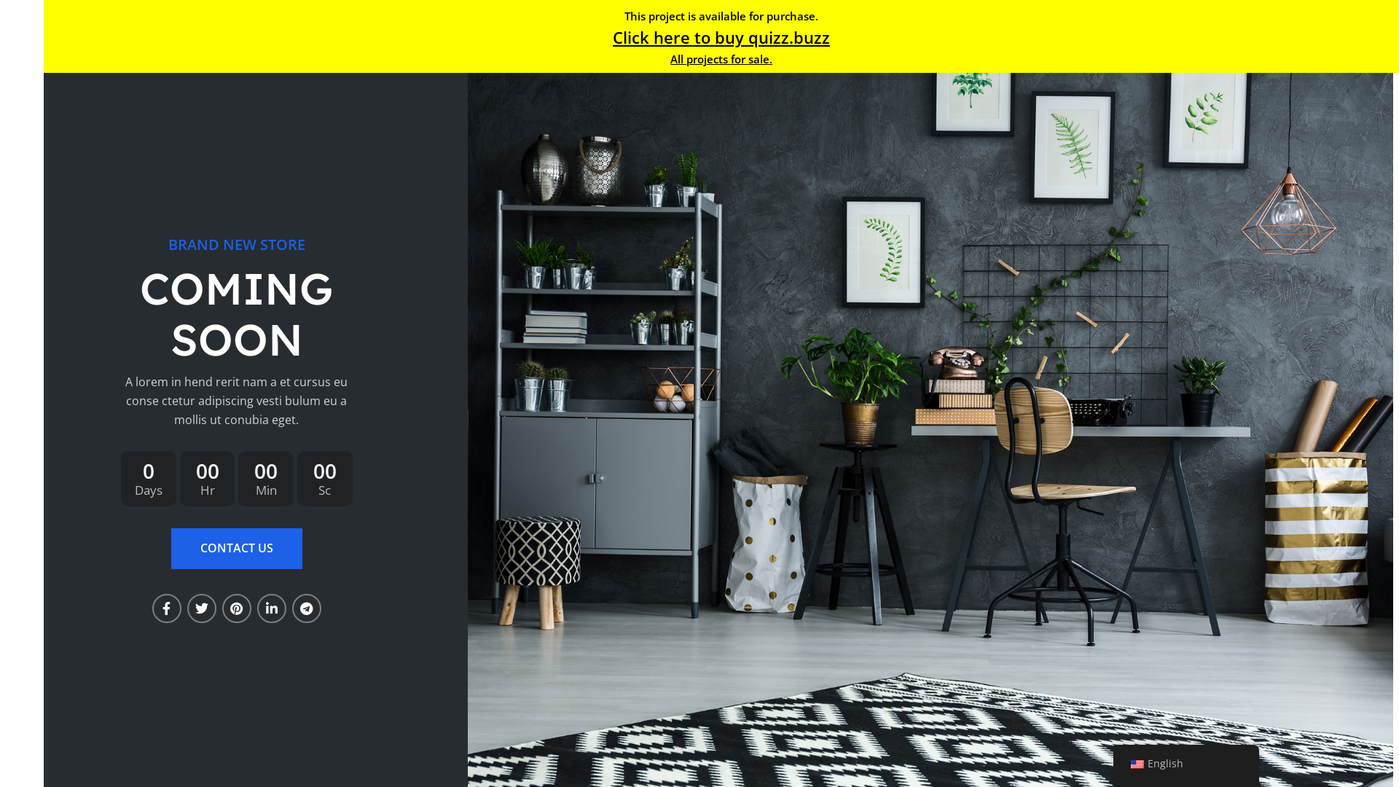 This screenshot has width=1399, height=787. I want to click on 'Click here to buy quizz.buzz', so click(721, 36).